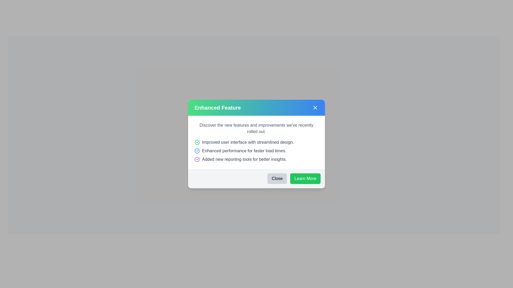  Describe the element at coordinates (248, 142) in the screenshot. I see `the text label that reads 'Improved user interface with streamlined design.' located in the modal dialog labeled 'Enhanced Feature.'` at that location.